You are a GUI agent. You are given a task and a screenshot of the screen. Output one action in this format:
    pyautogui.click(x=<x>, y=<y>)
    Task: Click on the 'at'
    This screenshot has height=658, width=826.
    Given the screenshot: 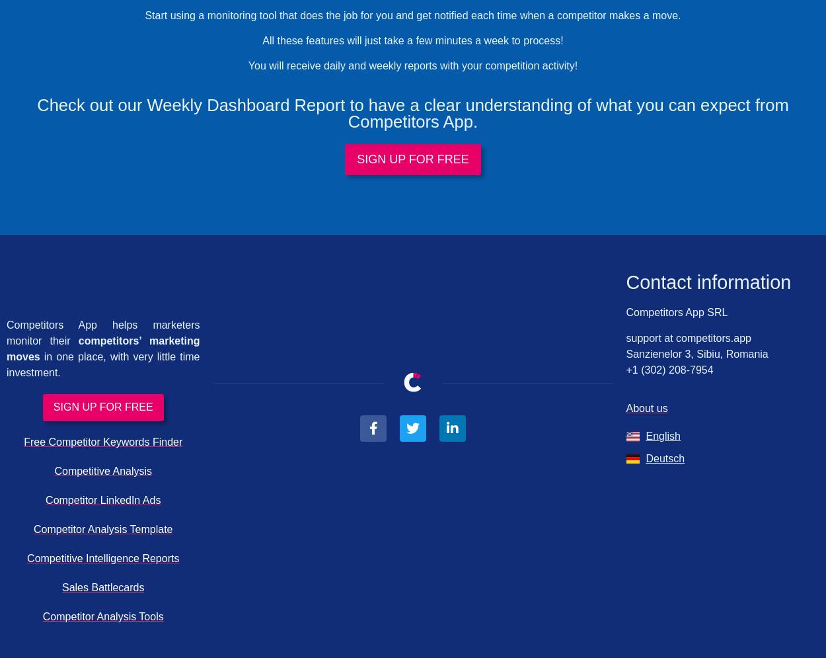 What is the action you would take?
    pyautogui.click(x=668, y=337)
    